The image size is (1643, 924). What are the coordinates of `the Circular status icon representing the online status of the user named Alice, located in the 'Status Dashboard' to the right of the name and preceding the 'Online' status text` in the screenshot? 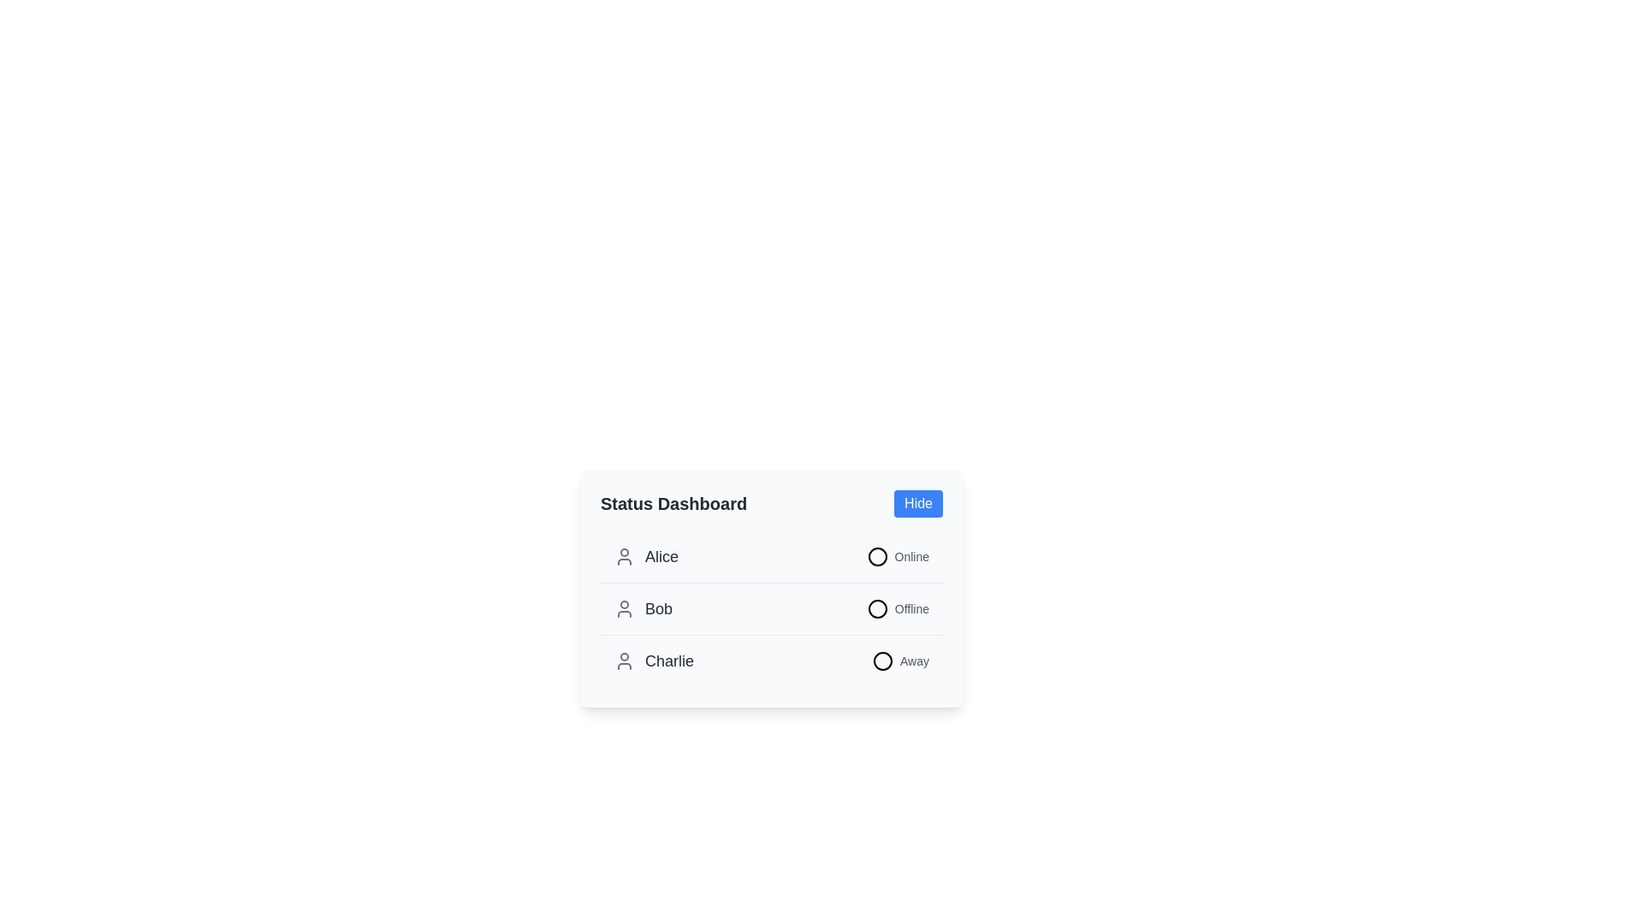 It's located at (877, 557).